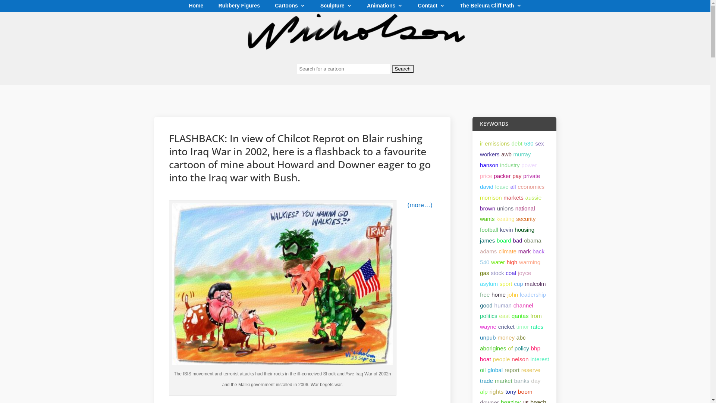  What do you see at coordinates (531, 176) in the screenshot?
I see `'private'` at bounding box center [531, 176].